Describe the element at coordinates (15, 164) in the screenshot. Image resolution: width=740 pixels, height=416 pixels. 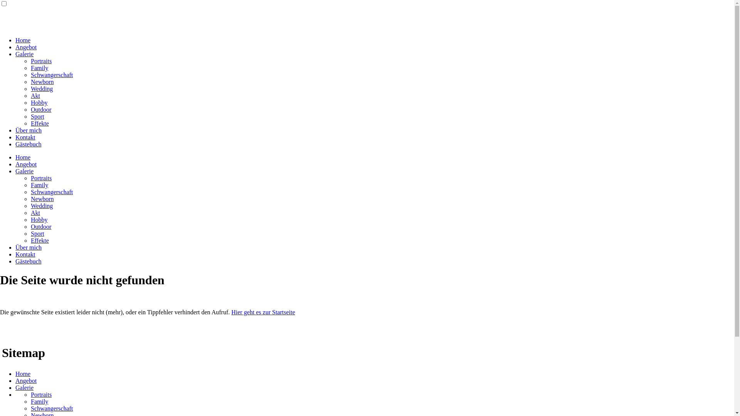
I see `'Angebot'` at that location.